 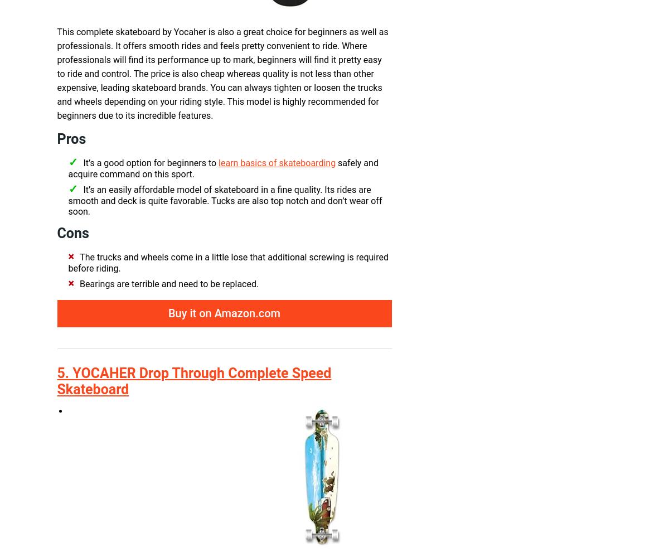 I want to click on 'It’s a good option for beginners to', so click(x=150, y=163).